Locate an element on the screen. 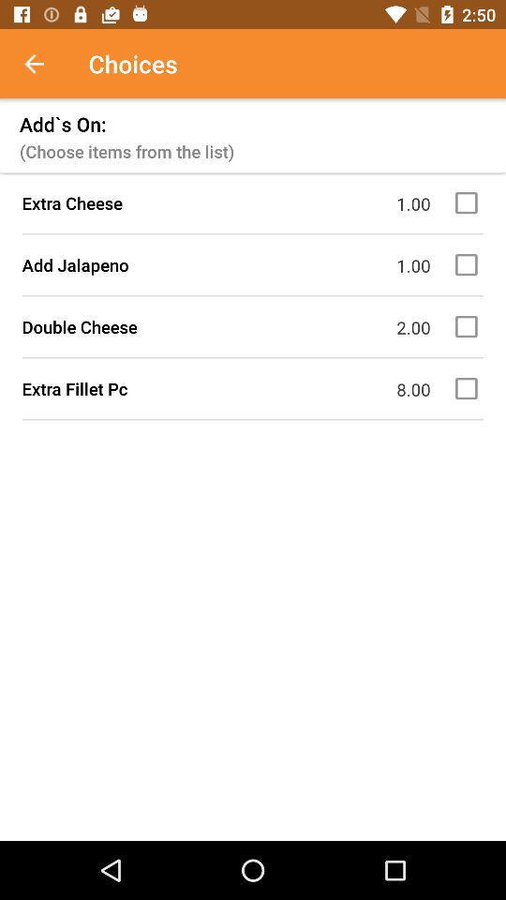  previous is located at coordinates (44, 64).